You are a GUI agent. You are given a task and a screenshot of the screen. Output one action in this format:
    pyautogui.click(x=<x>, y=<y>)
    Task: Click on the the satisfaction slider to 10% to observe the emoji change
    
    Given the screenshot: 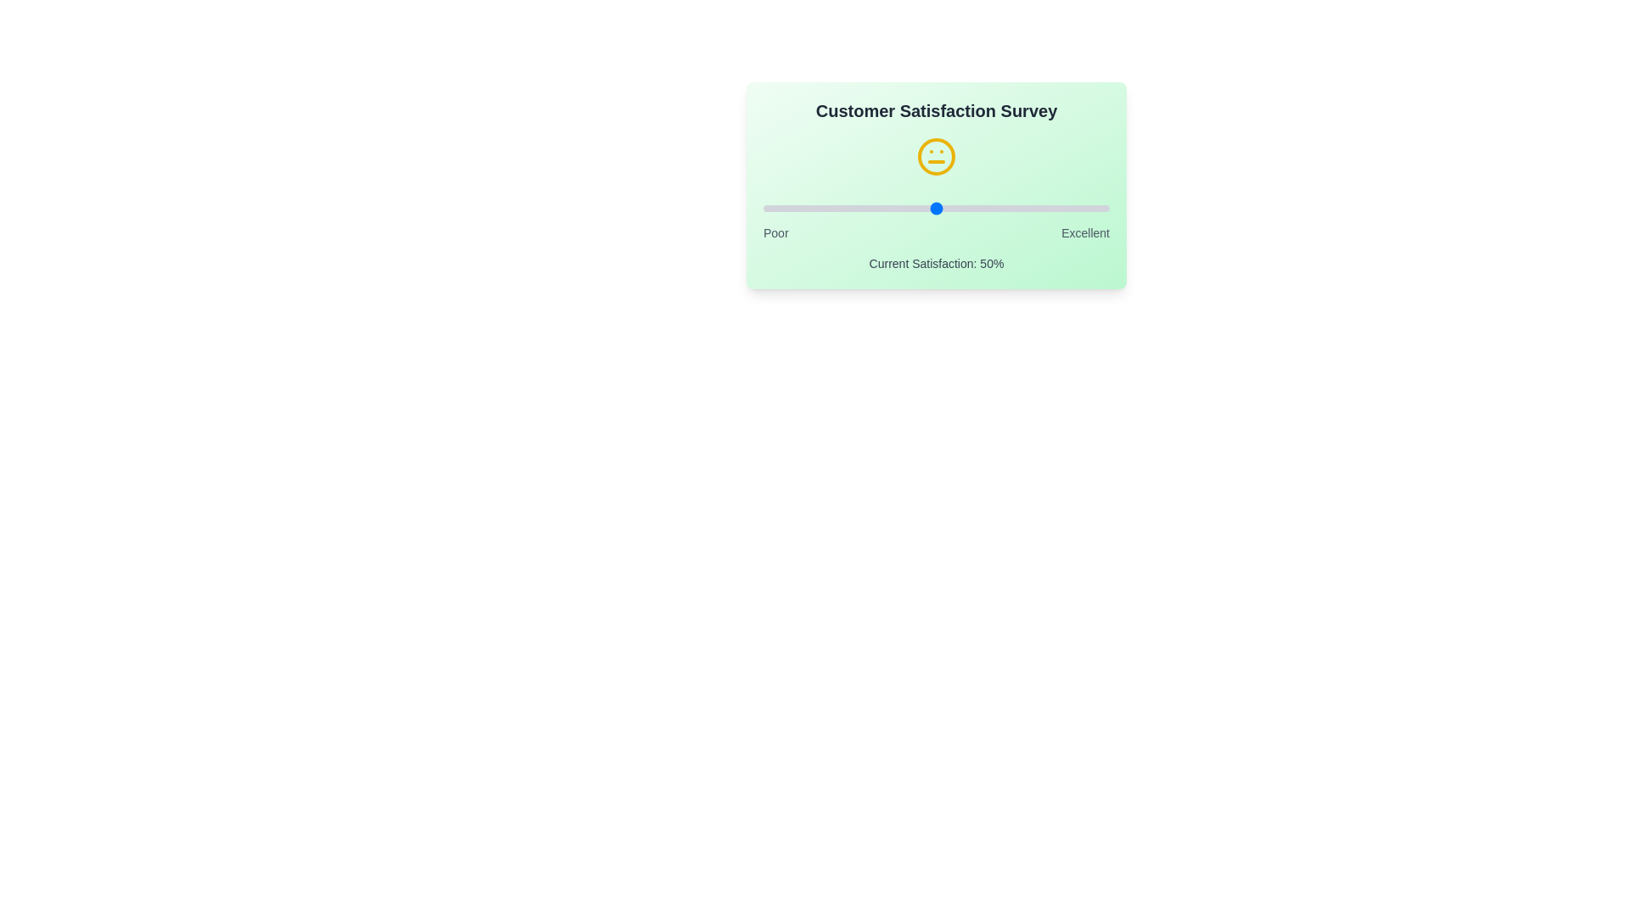 What is the action you would take?
    pyautogui.click(x=797, y=208)
    